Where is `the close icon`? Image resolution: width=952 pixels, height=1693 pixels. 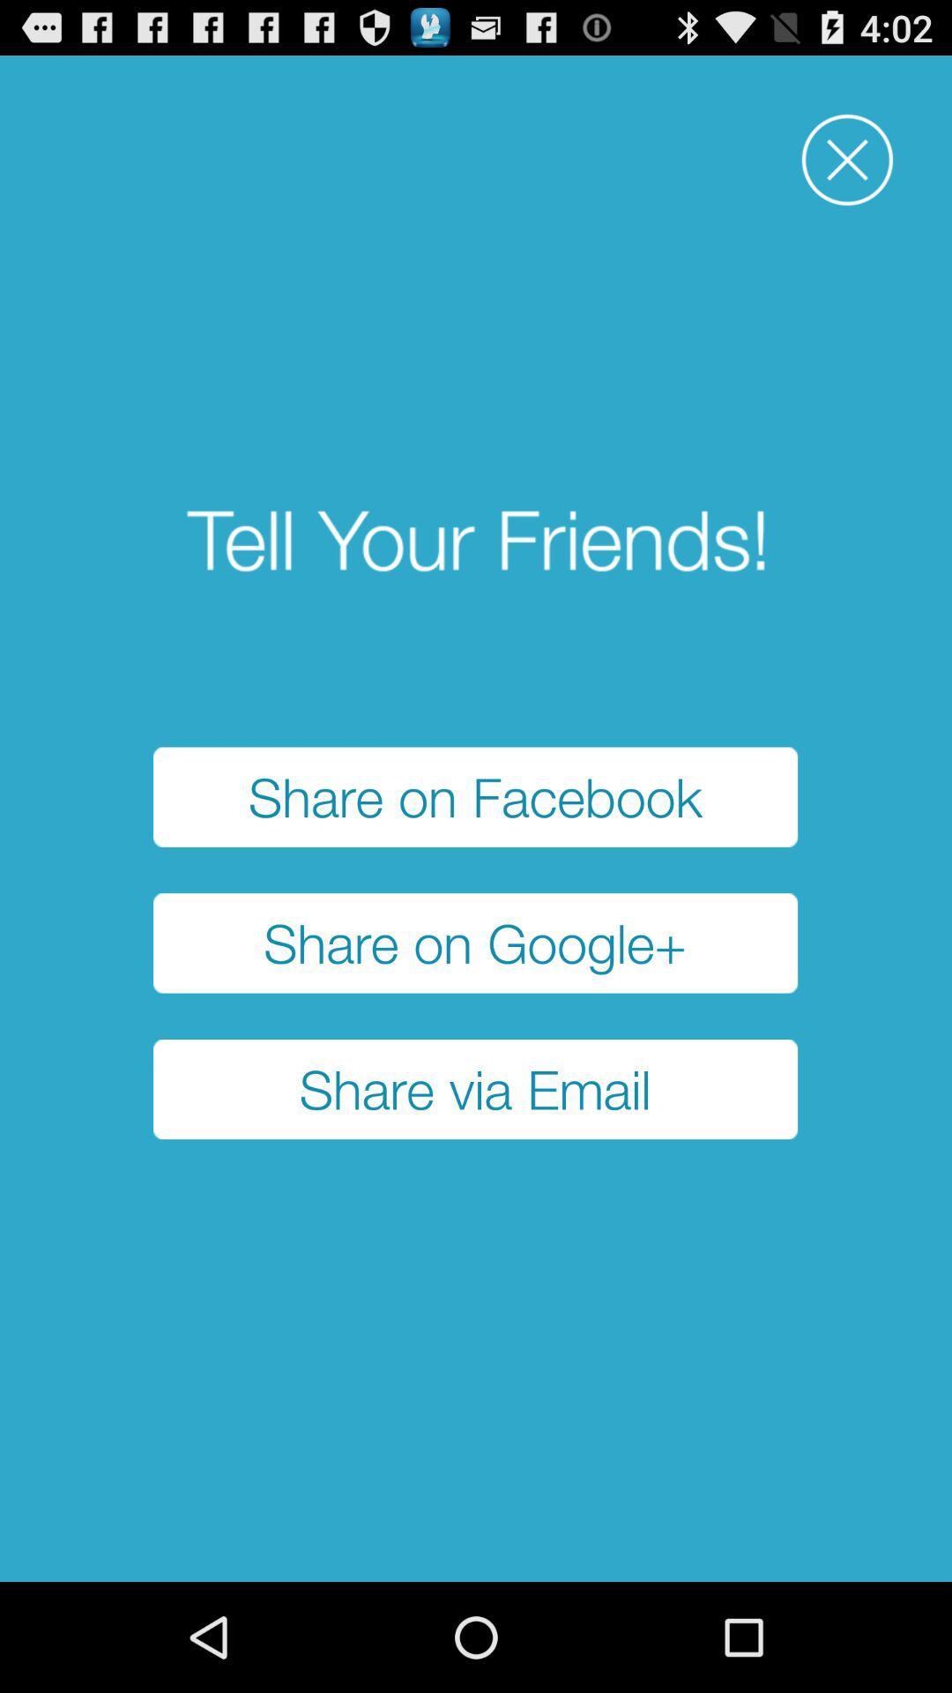
the close icon is located at coordinates (846, 171).